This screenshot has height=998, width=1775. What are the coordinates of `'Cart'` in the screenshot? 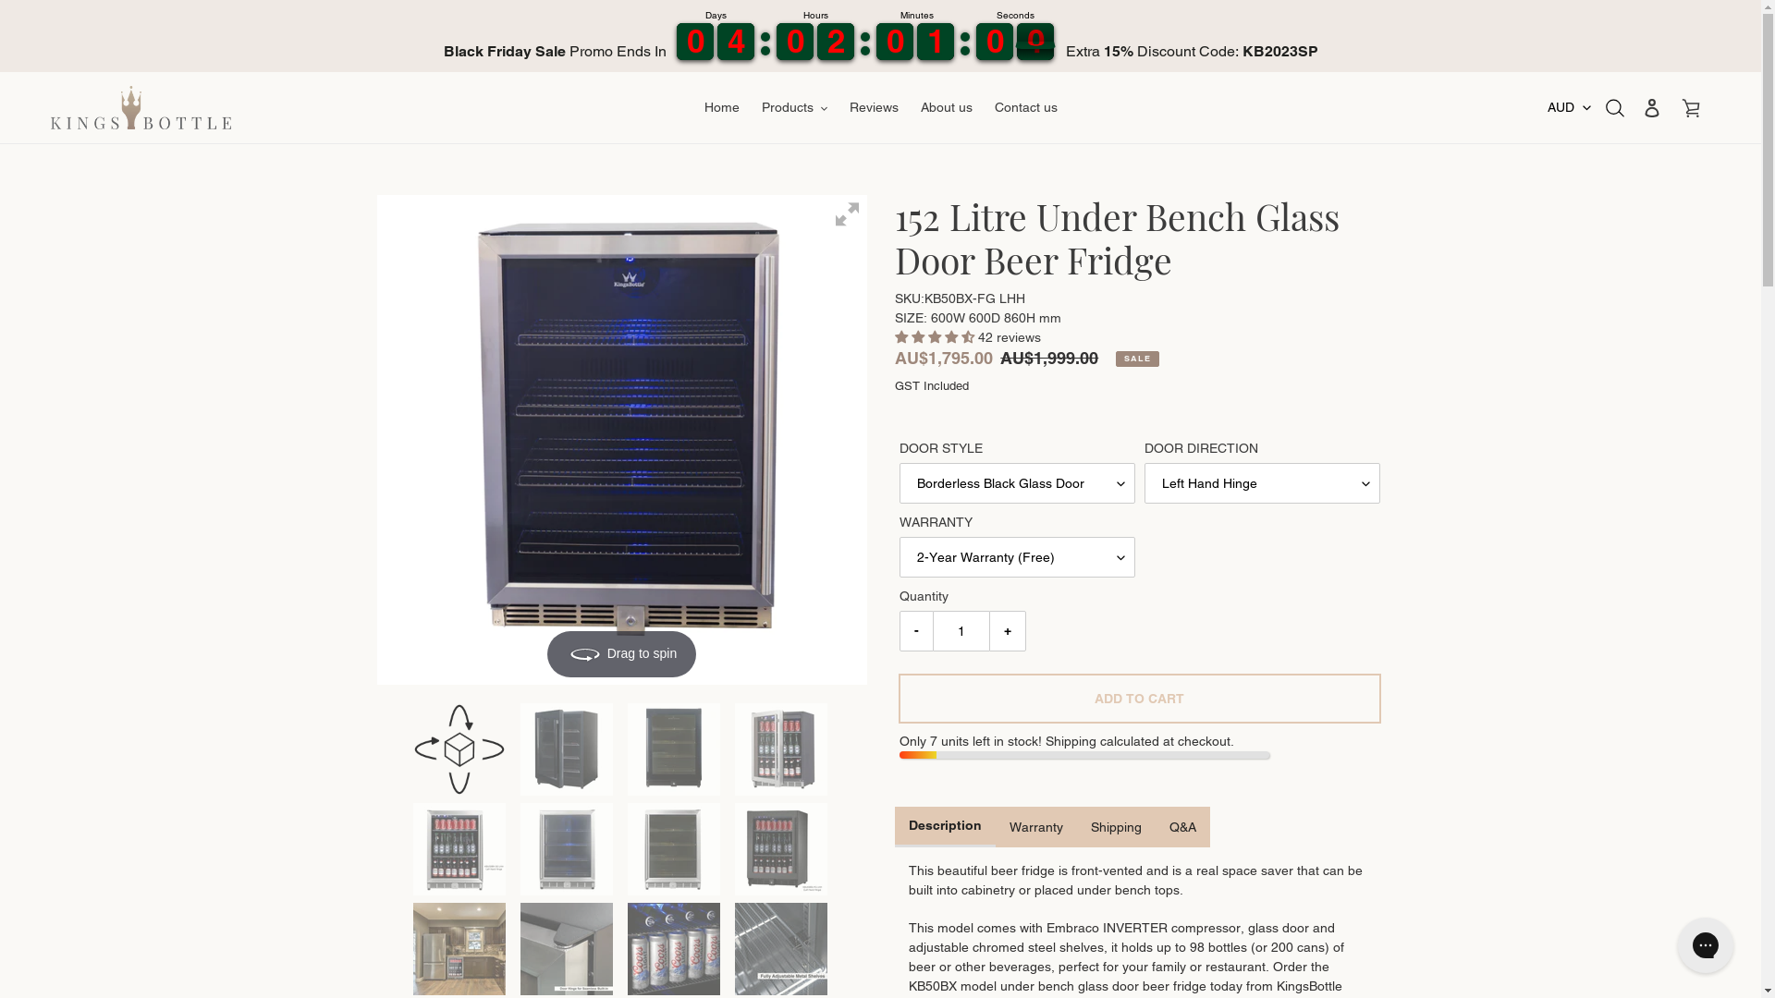 It's located at (1690, 107).